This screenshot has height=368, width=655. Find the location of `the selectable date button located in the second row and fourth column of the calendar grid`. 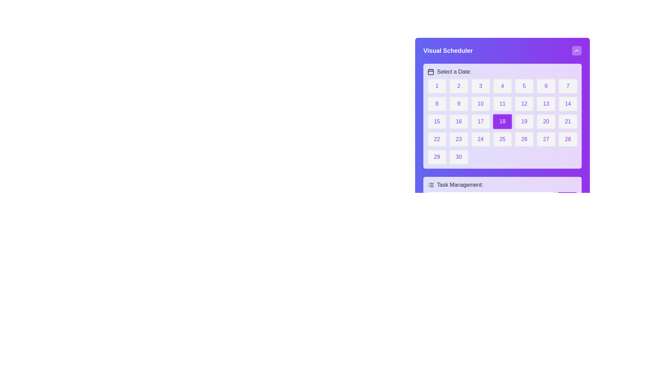

the selectable date button located in the second row and fourth column of the calendar grid is located at coordinates (503, 104).